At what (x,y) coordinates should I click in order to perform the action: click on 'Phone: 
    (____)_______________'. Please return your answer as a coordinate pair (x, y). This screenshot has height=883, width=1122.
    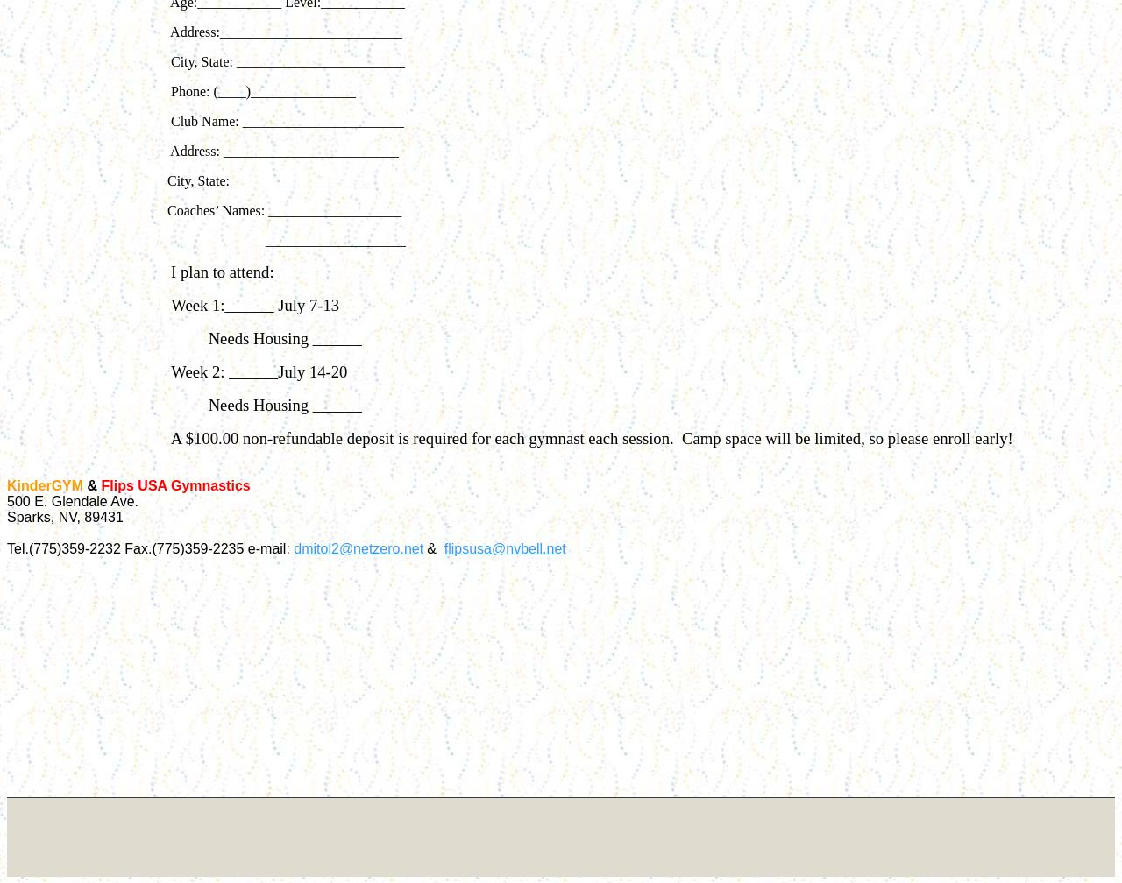
    Looking at the image, I should click on (260, 91).